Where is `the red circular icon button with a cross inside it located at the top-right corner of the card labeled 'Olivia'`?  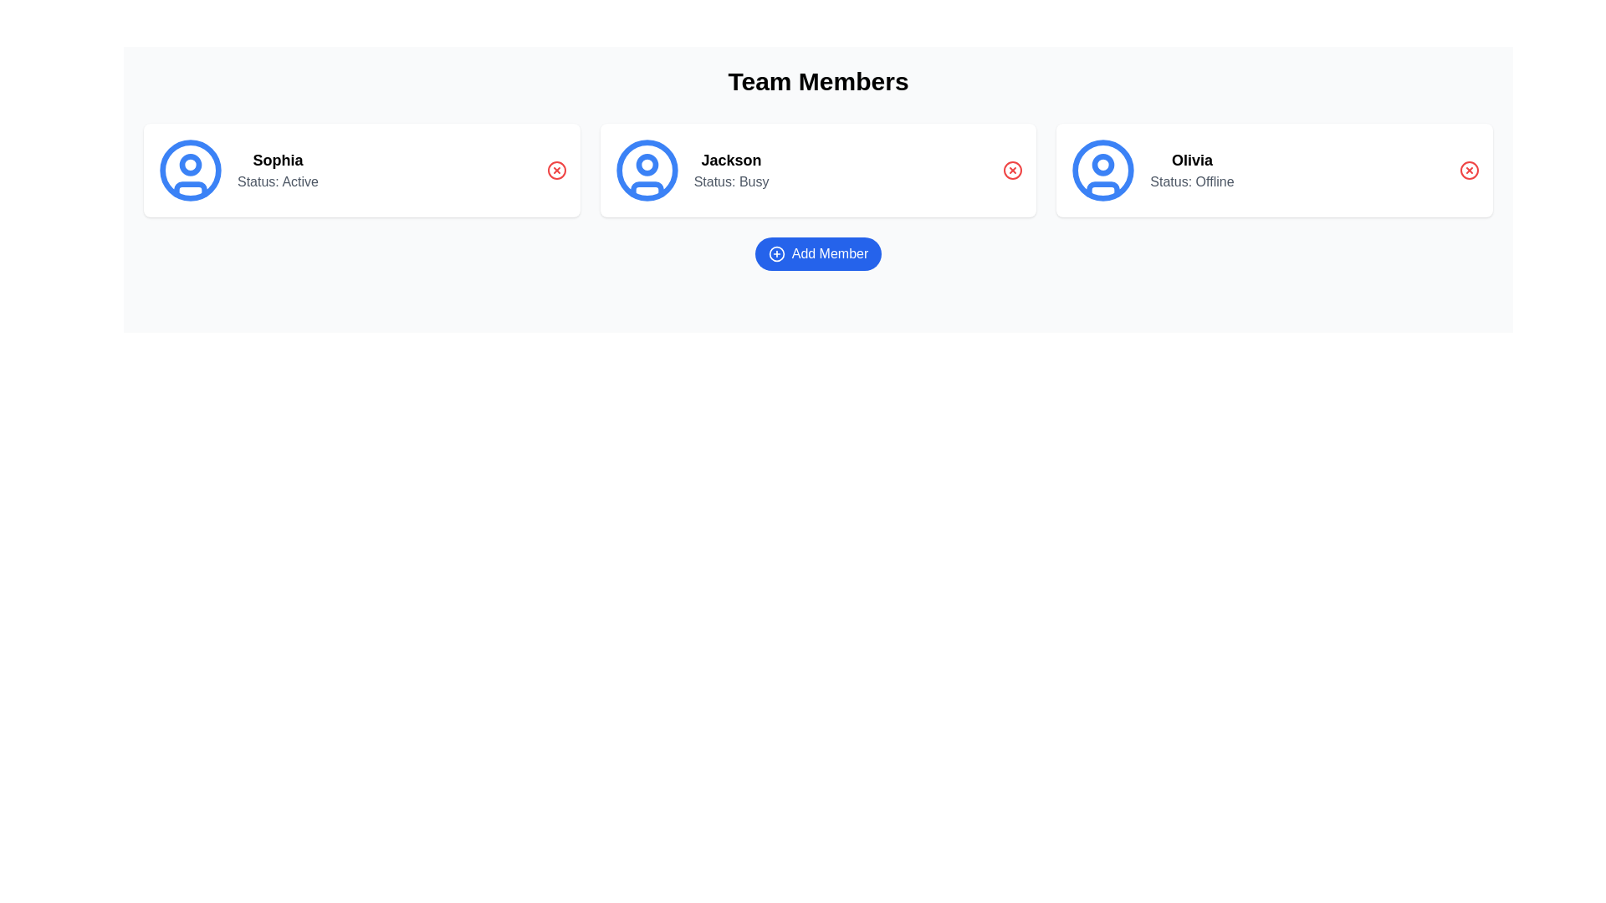
the red circular icon button with a cross inside it located at the top-right corner of the card labeled 'Olivia' is located at coordinates (1468, 171).